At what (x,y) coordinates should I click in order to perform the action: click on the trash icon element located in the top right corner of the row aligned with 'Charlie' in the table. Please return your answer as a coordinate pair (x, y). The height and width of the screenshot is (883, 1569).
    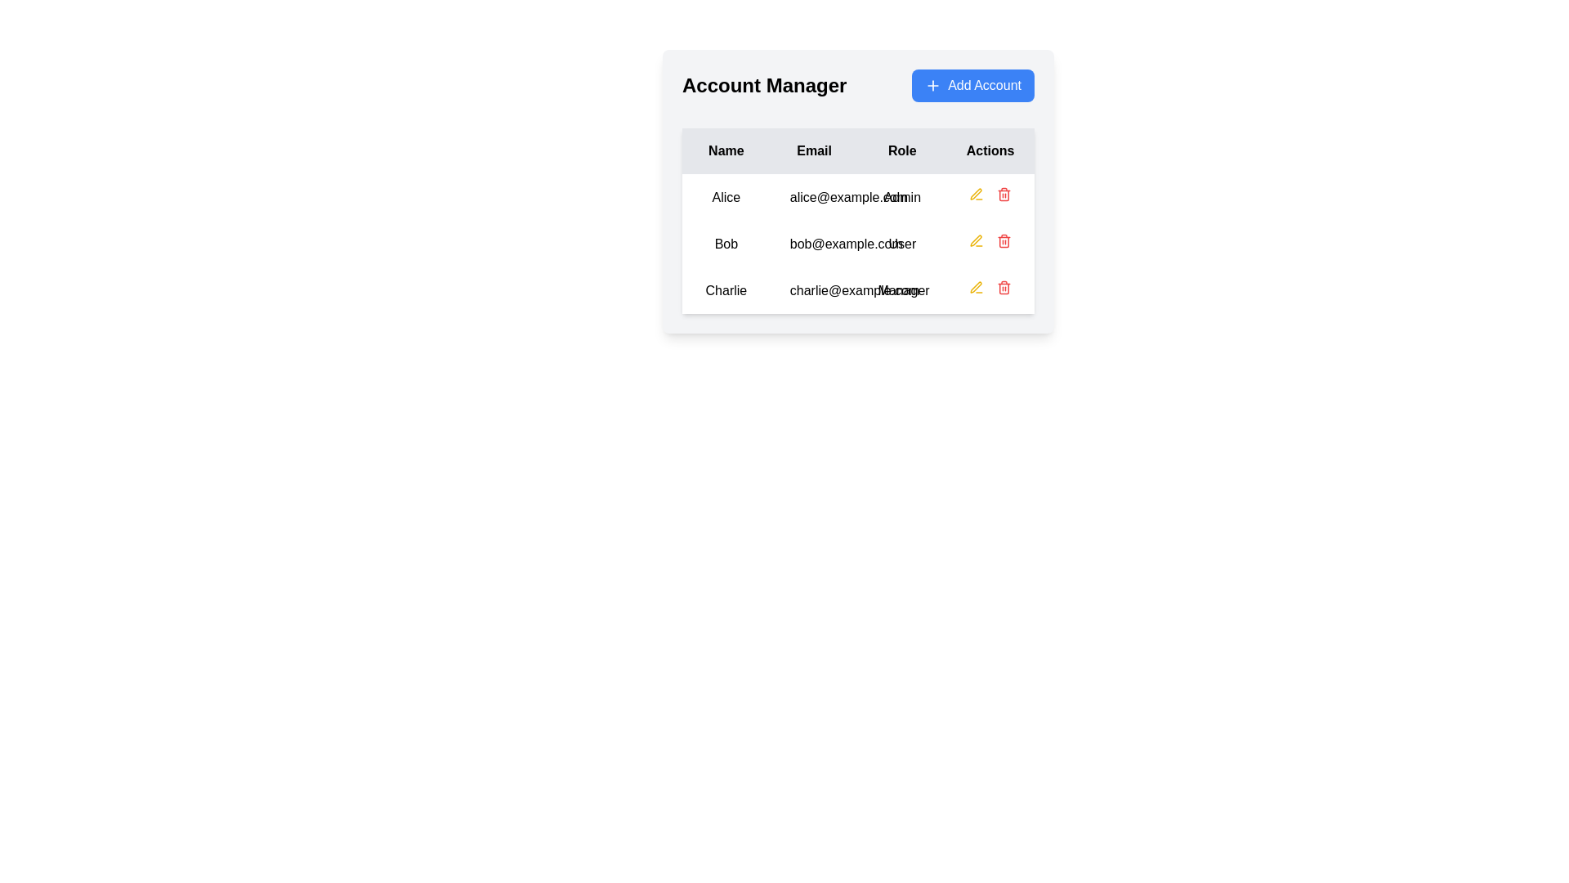
    Looking at the image, I should click on (1004, 288).